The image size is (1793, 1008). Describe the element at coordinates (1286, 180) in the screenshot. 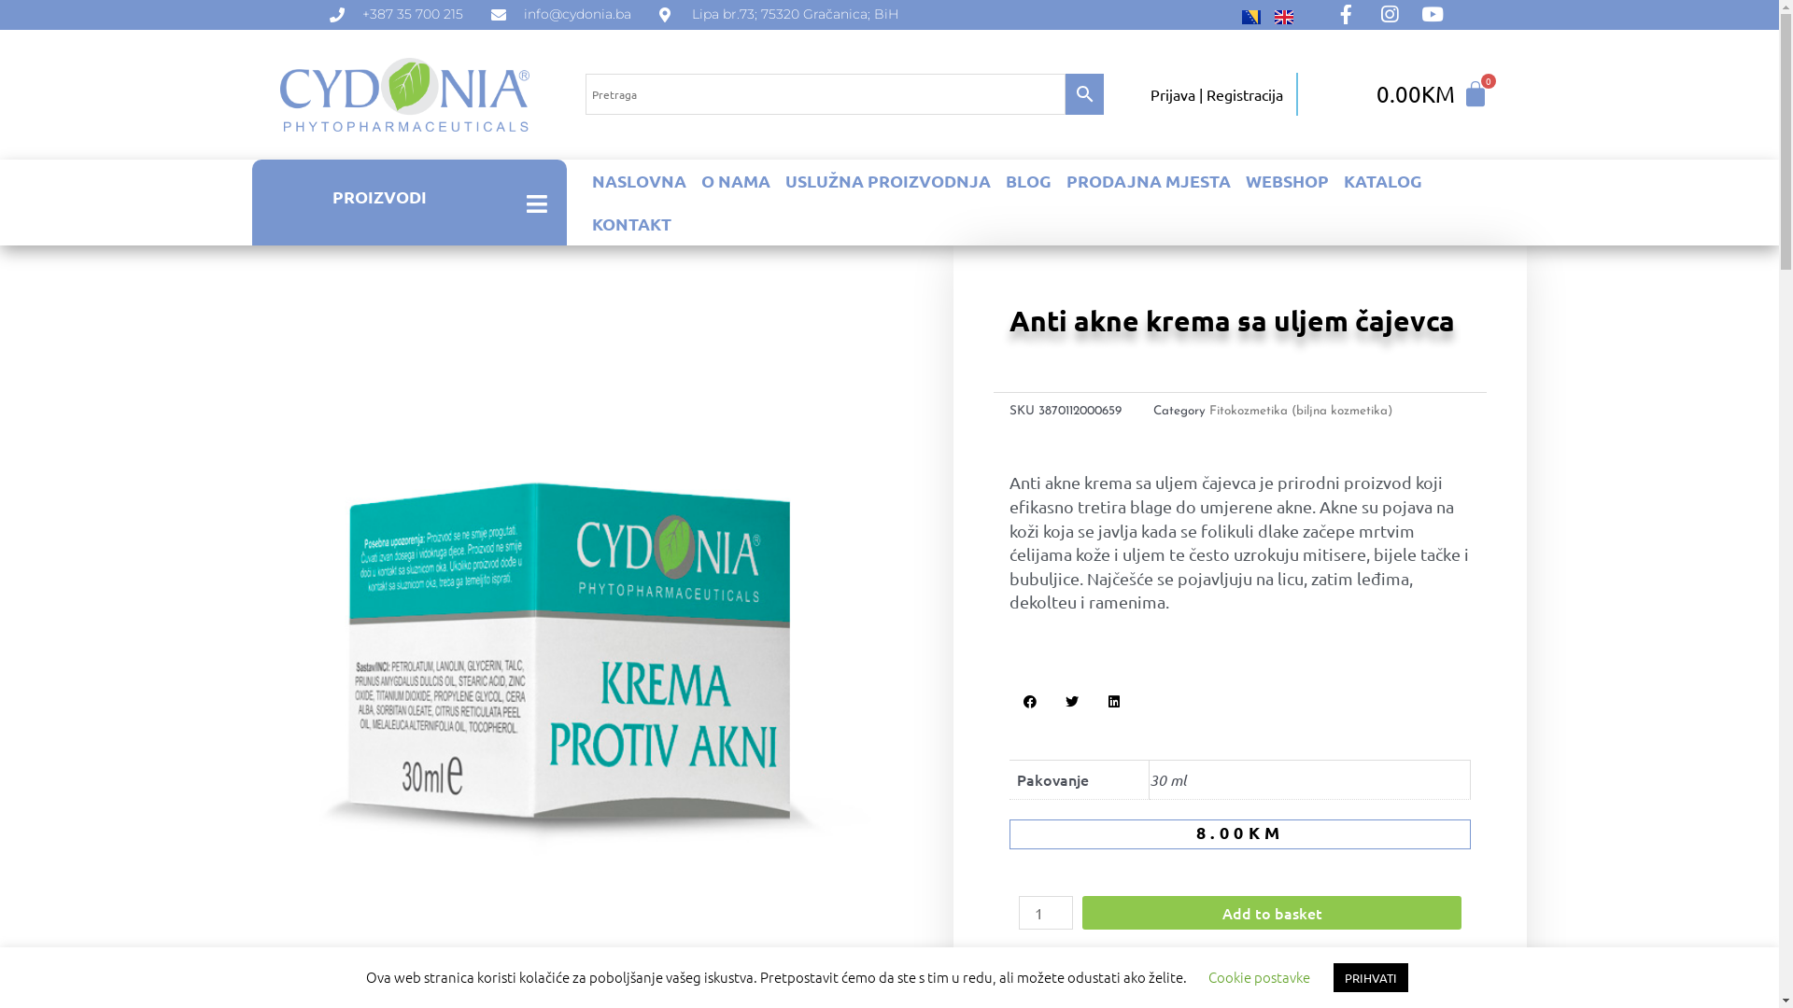

I see `'WEBSHOP'` at that location.